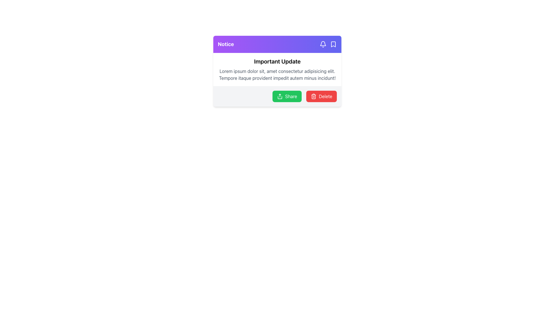 This screenshot has height=309, width=549. I want to click on the static text label reading 'Notice' that is displayed in bold with a large font, featuring a gradient background transitioning from purple to indigo and white text, located in the top-left section of the header bar, so click(226, 44).